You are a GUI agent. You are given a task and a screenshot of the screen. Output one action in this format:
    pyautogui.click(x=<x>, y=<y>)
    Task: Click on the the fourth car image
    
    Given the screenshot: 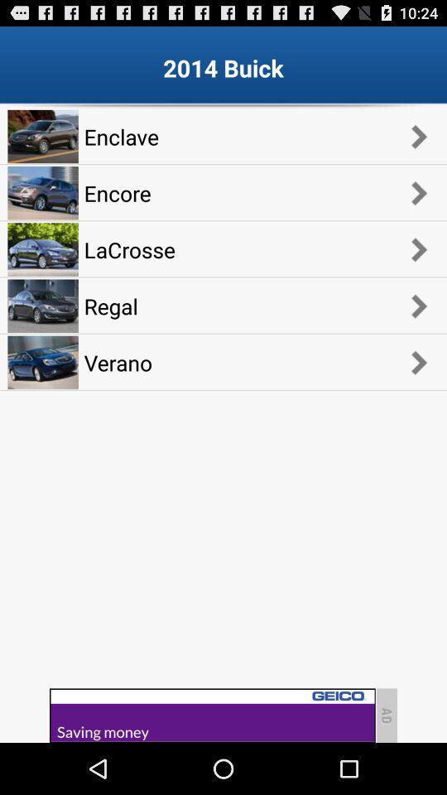 What is the action you would take?
    pyautogui.click(x=43, y=305)
    